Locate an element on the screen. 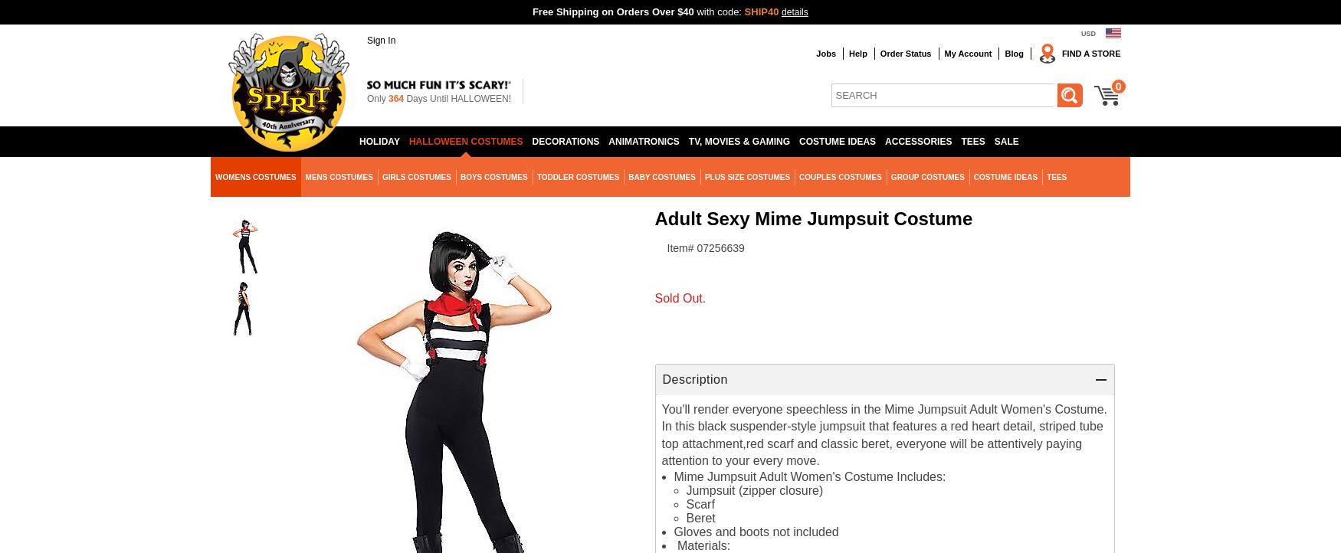 The height and width of the screenshot is (553, 1341). 'with code:' is located at coordinates (720, 11).